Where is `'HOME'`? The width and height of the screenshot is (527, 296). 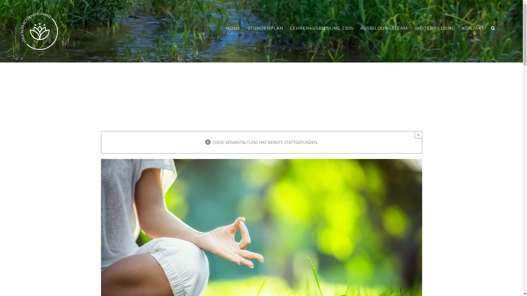 'HOME' is located at coordinates (233, 28).